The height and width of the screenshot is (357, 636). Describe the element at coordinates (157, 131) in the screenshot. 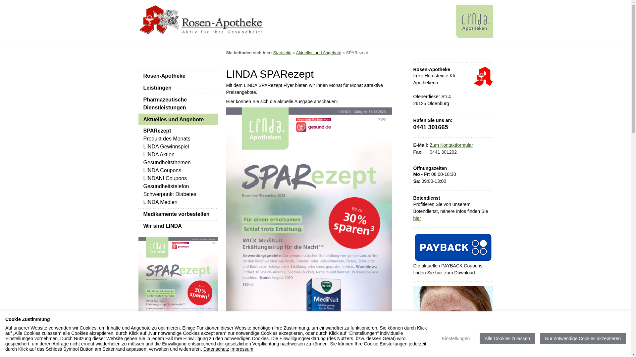

I see `'SPARezept'` at that location.